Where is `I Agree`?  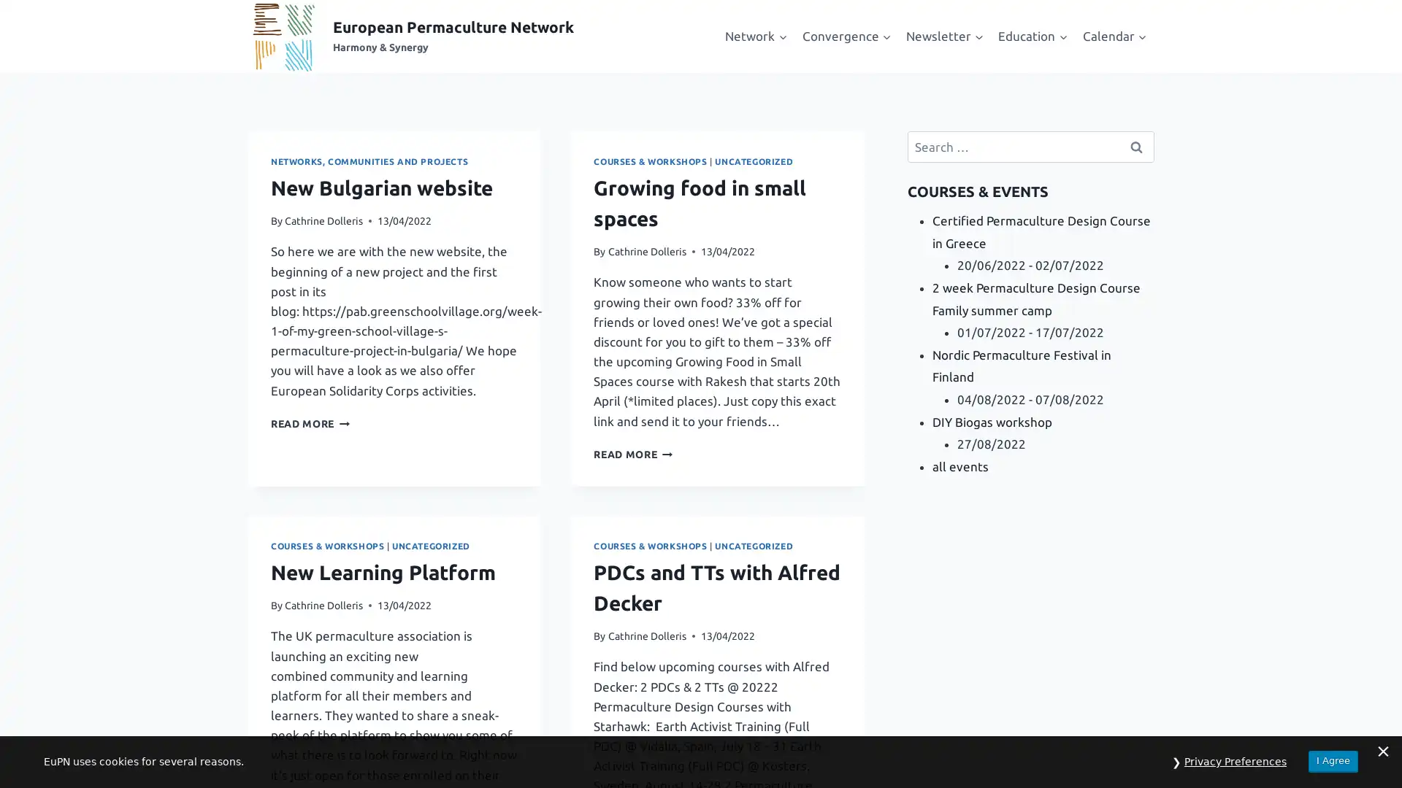
I Agree is located at coordinates (1333, 760).